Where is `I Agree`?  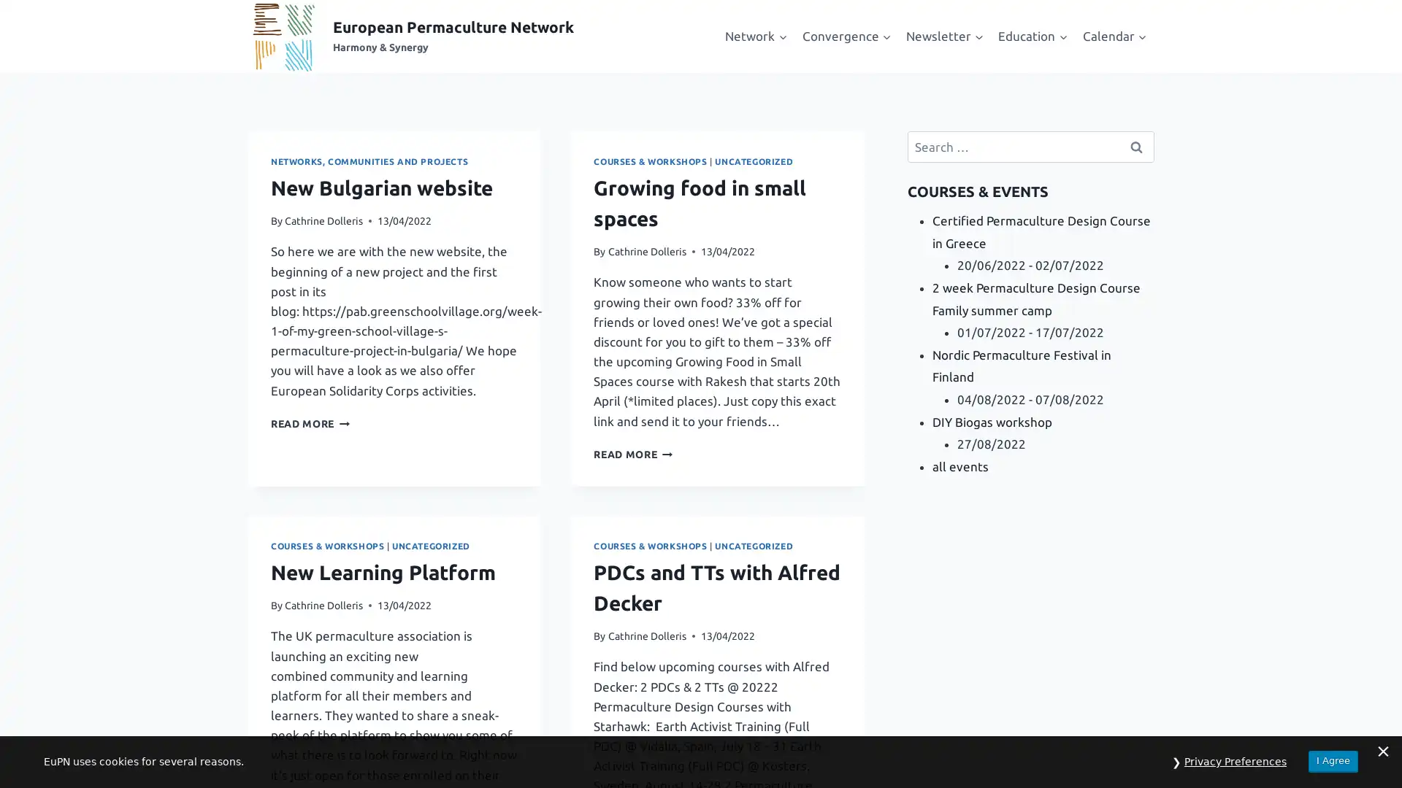
I Agree is located at coordinates (1333, 760).